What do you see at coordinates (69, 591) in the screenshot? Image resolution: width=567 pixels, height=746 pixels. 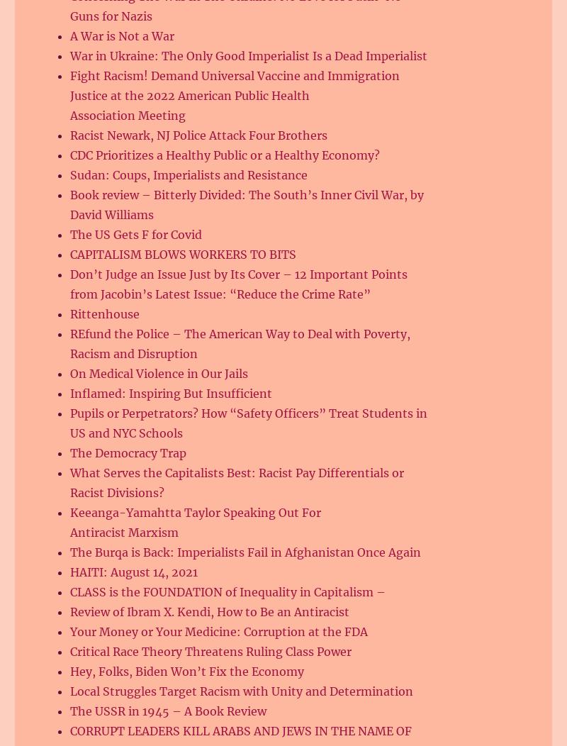 I see `'CLASS is the FOUNDATION of Inequality in Capitalism –'` at bounding box center [69, 591].